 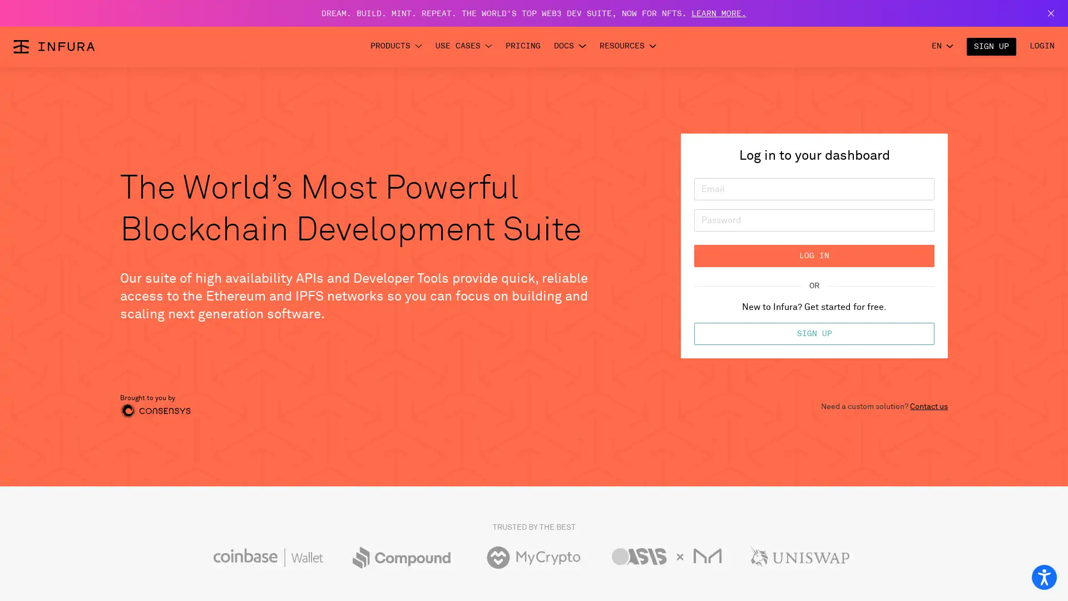 I want to click on Open accessibility options, statement and help, so click(x=1044, y=577).